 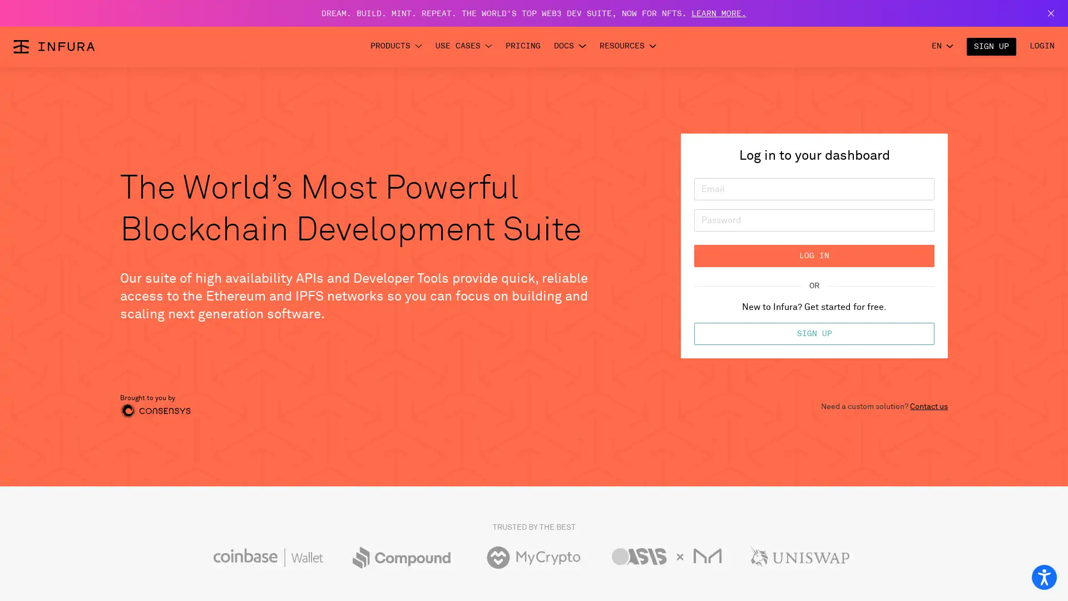 I want to click on Open accessibility options, statement and help, so click(x=1044, y=577).